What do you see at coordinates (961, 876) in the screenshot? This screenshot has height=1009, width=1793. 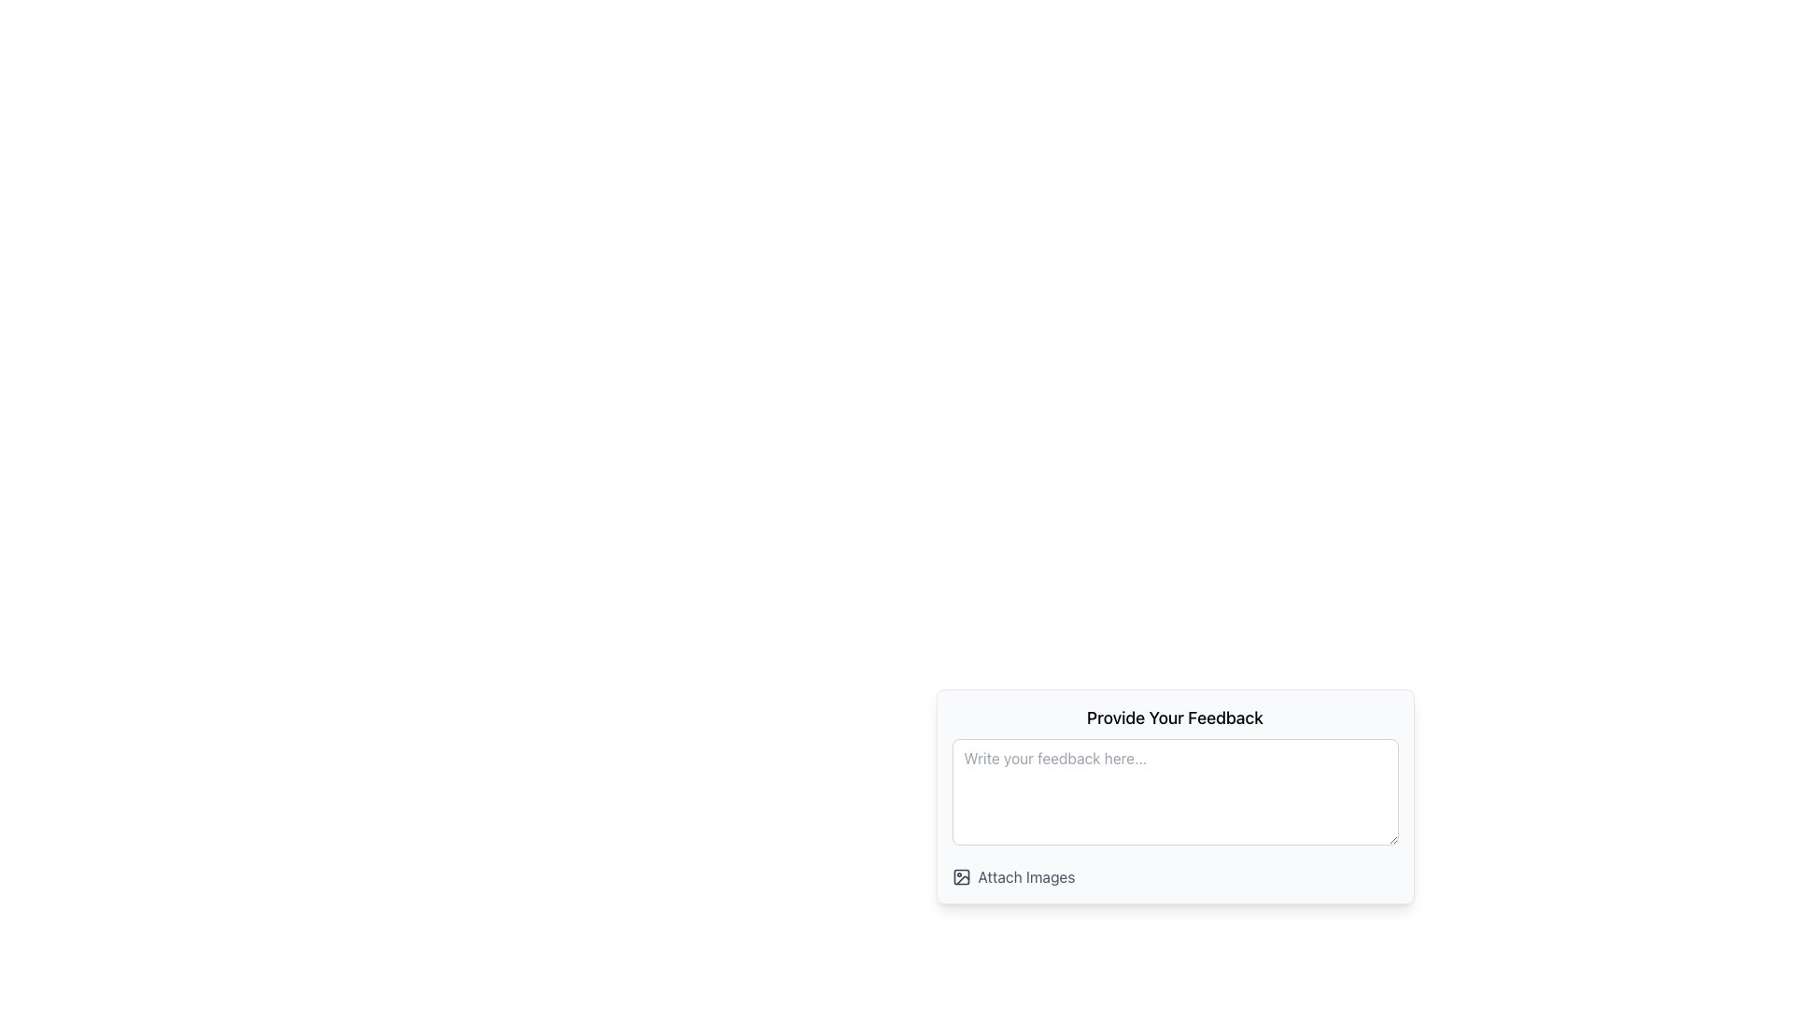 I see `the image placeholder icon located to the left of the 'Attach Images' text within the 'Attach Images' button in the feedback form panel` at bounding box center [961, 876].